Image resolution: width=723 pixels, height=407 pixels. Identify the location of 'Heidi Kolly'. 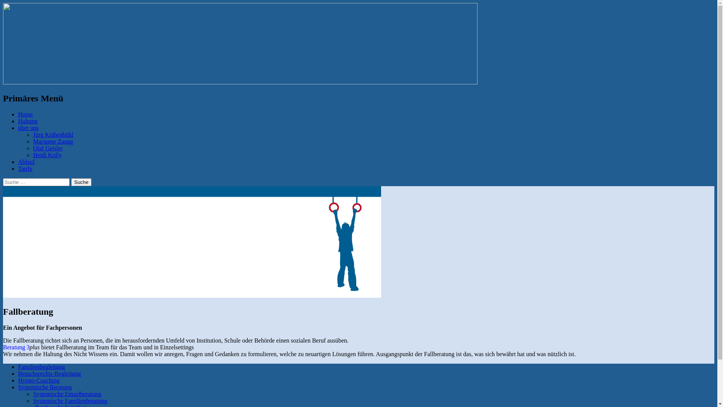
(47, 155).